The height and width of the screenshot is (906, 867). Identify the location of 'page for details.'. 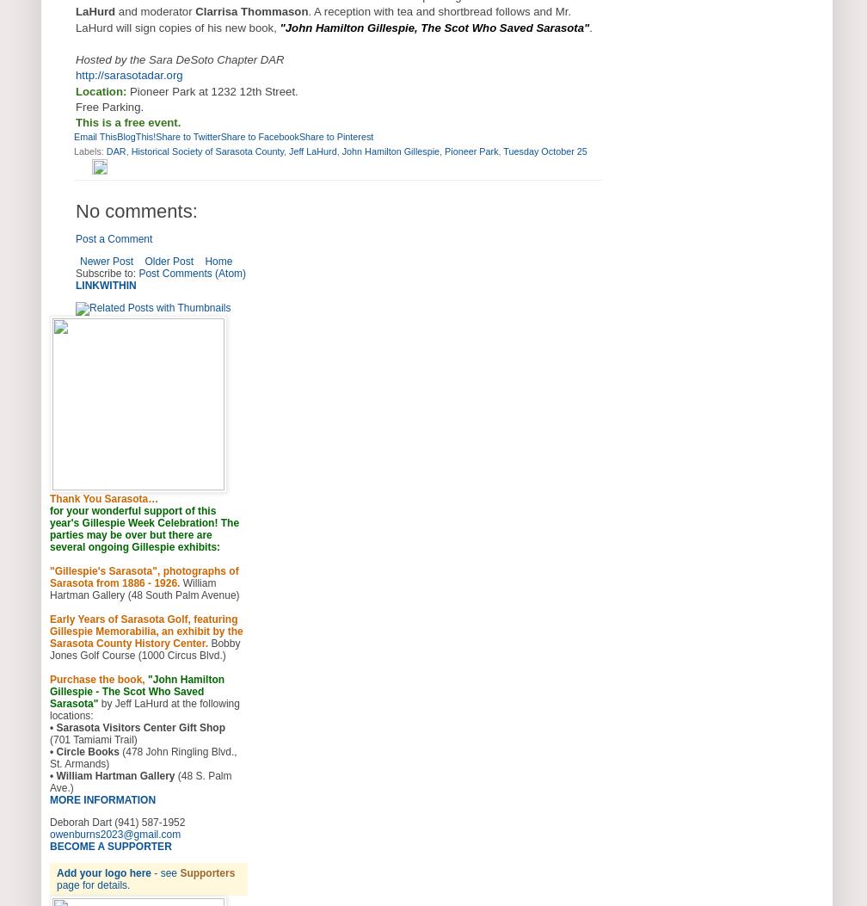
(93, 884).